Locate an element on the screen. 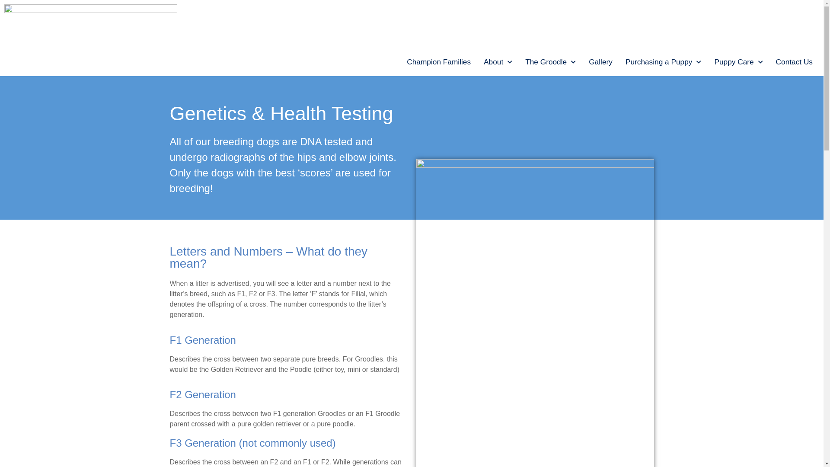 This screenshot has width=830, height=467. 'Champion Families' is located at coordinates (400, 61).